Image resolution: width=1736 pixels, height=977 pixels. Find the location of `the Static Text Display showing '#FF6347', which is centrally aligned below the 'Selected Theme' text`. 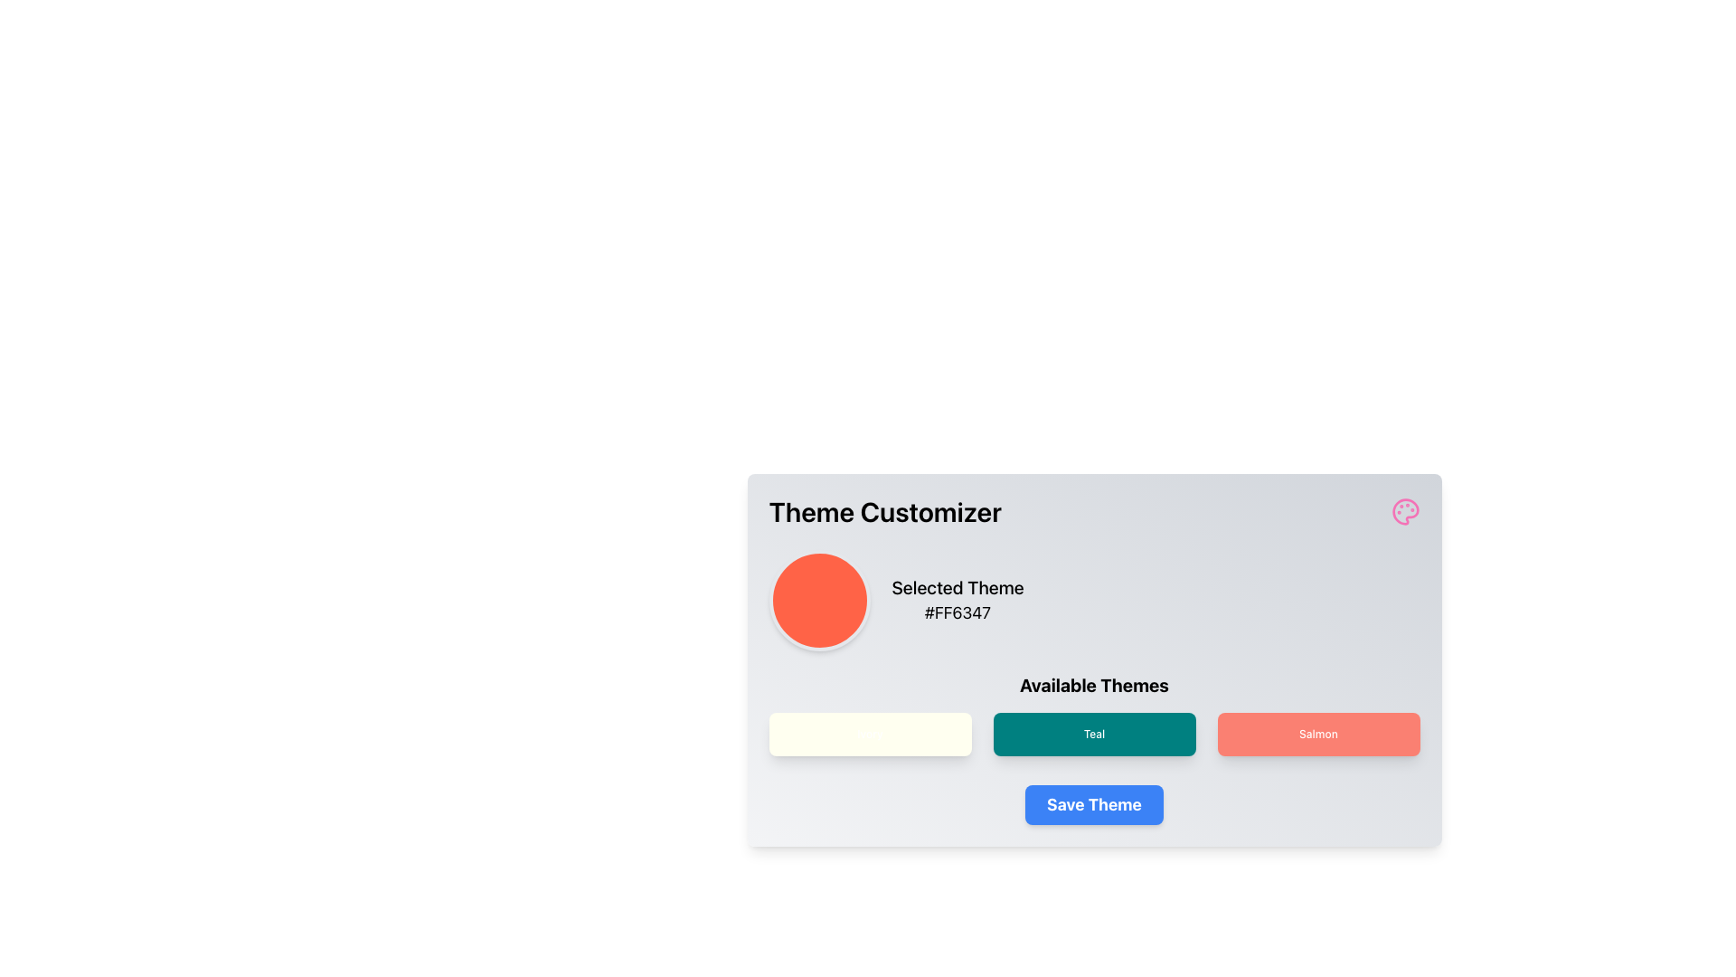

the Static Text Display showing '#FF6347', which is centrally aligned below the 'Selected Theme' text is located at coordinates (957, 612).